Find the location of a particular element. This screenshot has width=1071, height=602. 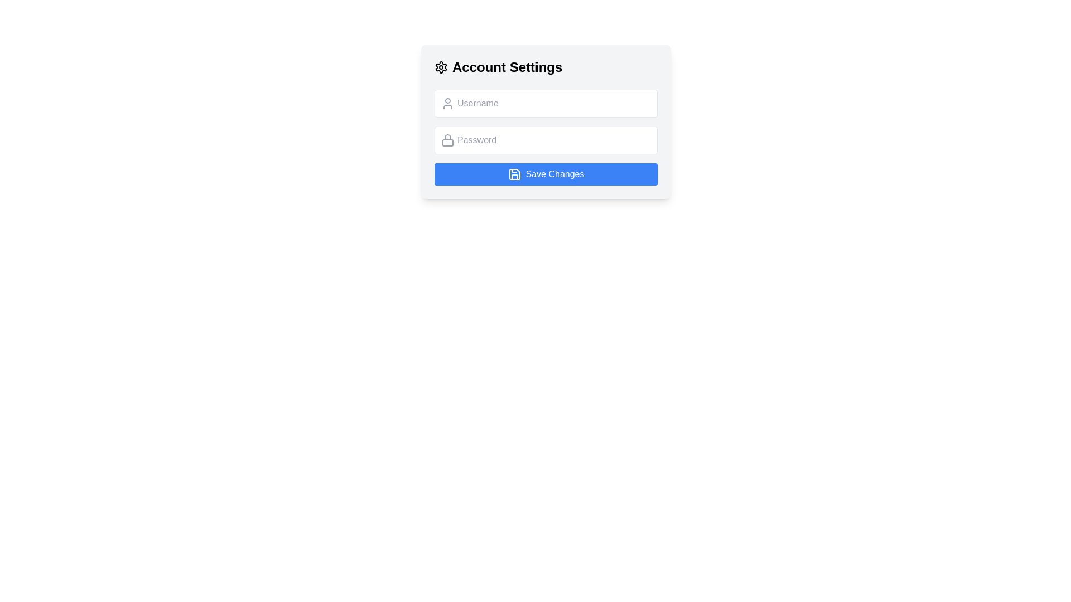

the cogwheel icon, which is a minimalistic outline of a gear located to the left of the 'Account Settings' heading is located at coordinates (441, 67).